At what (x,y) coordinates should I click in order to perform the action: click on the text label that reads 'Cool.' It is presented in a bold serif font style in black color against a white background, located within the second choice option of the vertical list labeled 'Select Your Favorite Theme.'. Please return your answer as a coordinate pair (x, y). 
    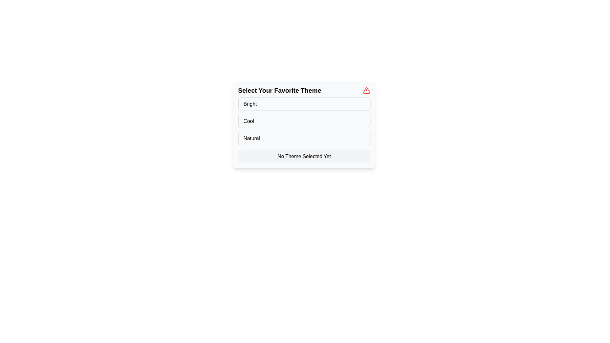
    Looking at the image, I should click on (248, 121).